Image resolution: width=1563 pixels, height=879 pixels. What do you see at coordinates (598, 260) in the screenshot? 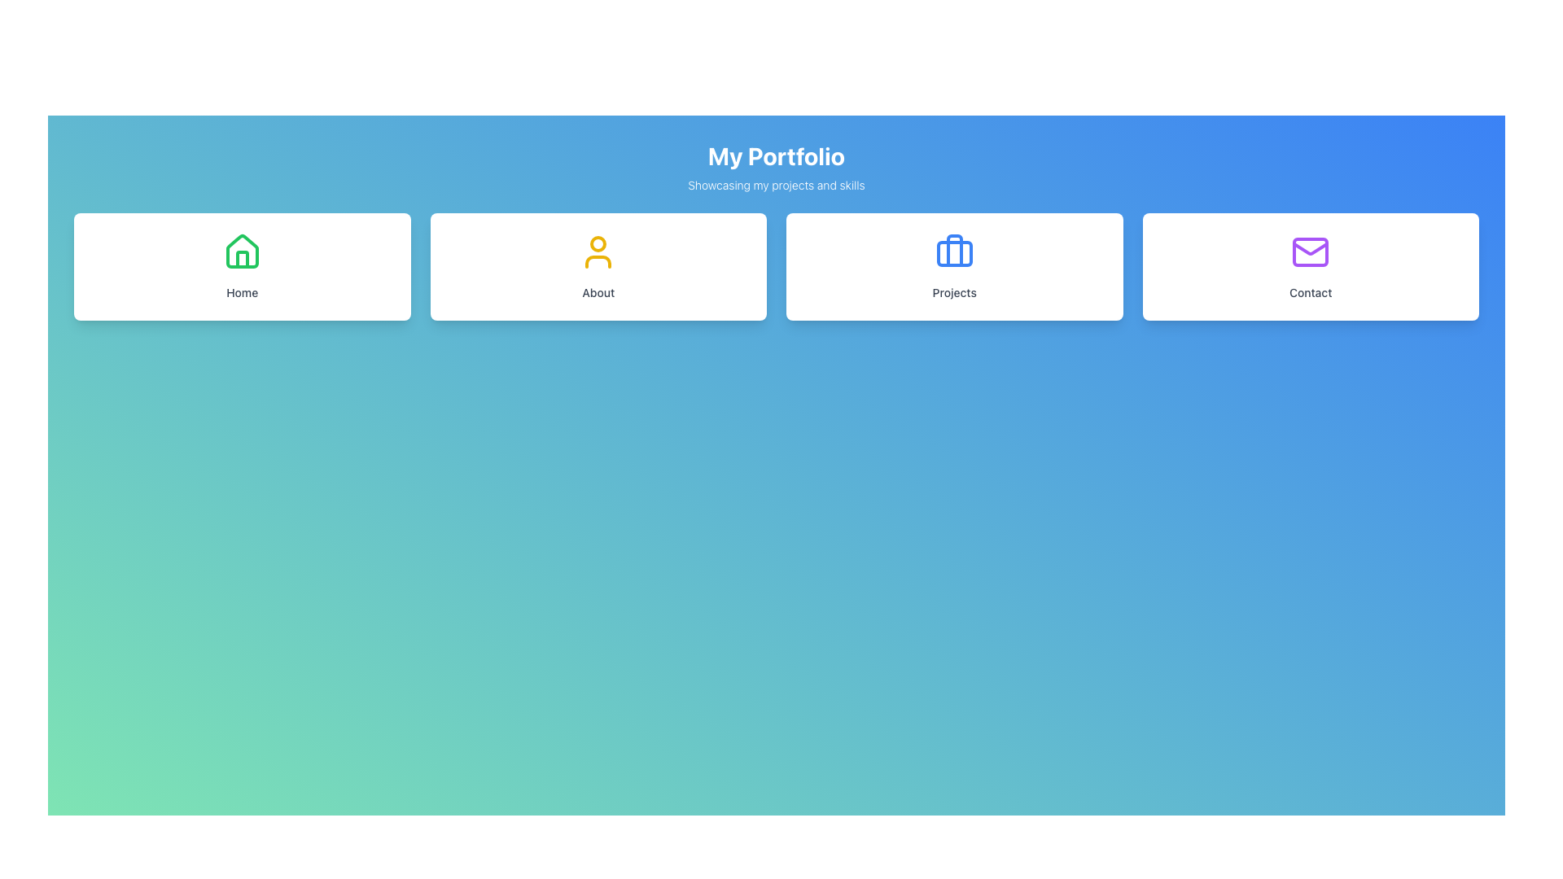
I see `the yellow SVG profile icon located in the lower section of the 'About' card, which is the second card from the left in a series of four cards under the 'My Portfolio' header` at bounding box center [598, 260].